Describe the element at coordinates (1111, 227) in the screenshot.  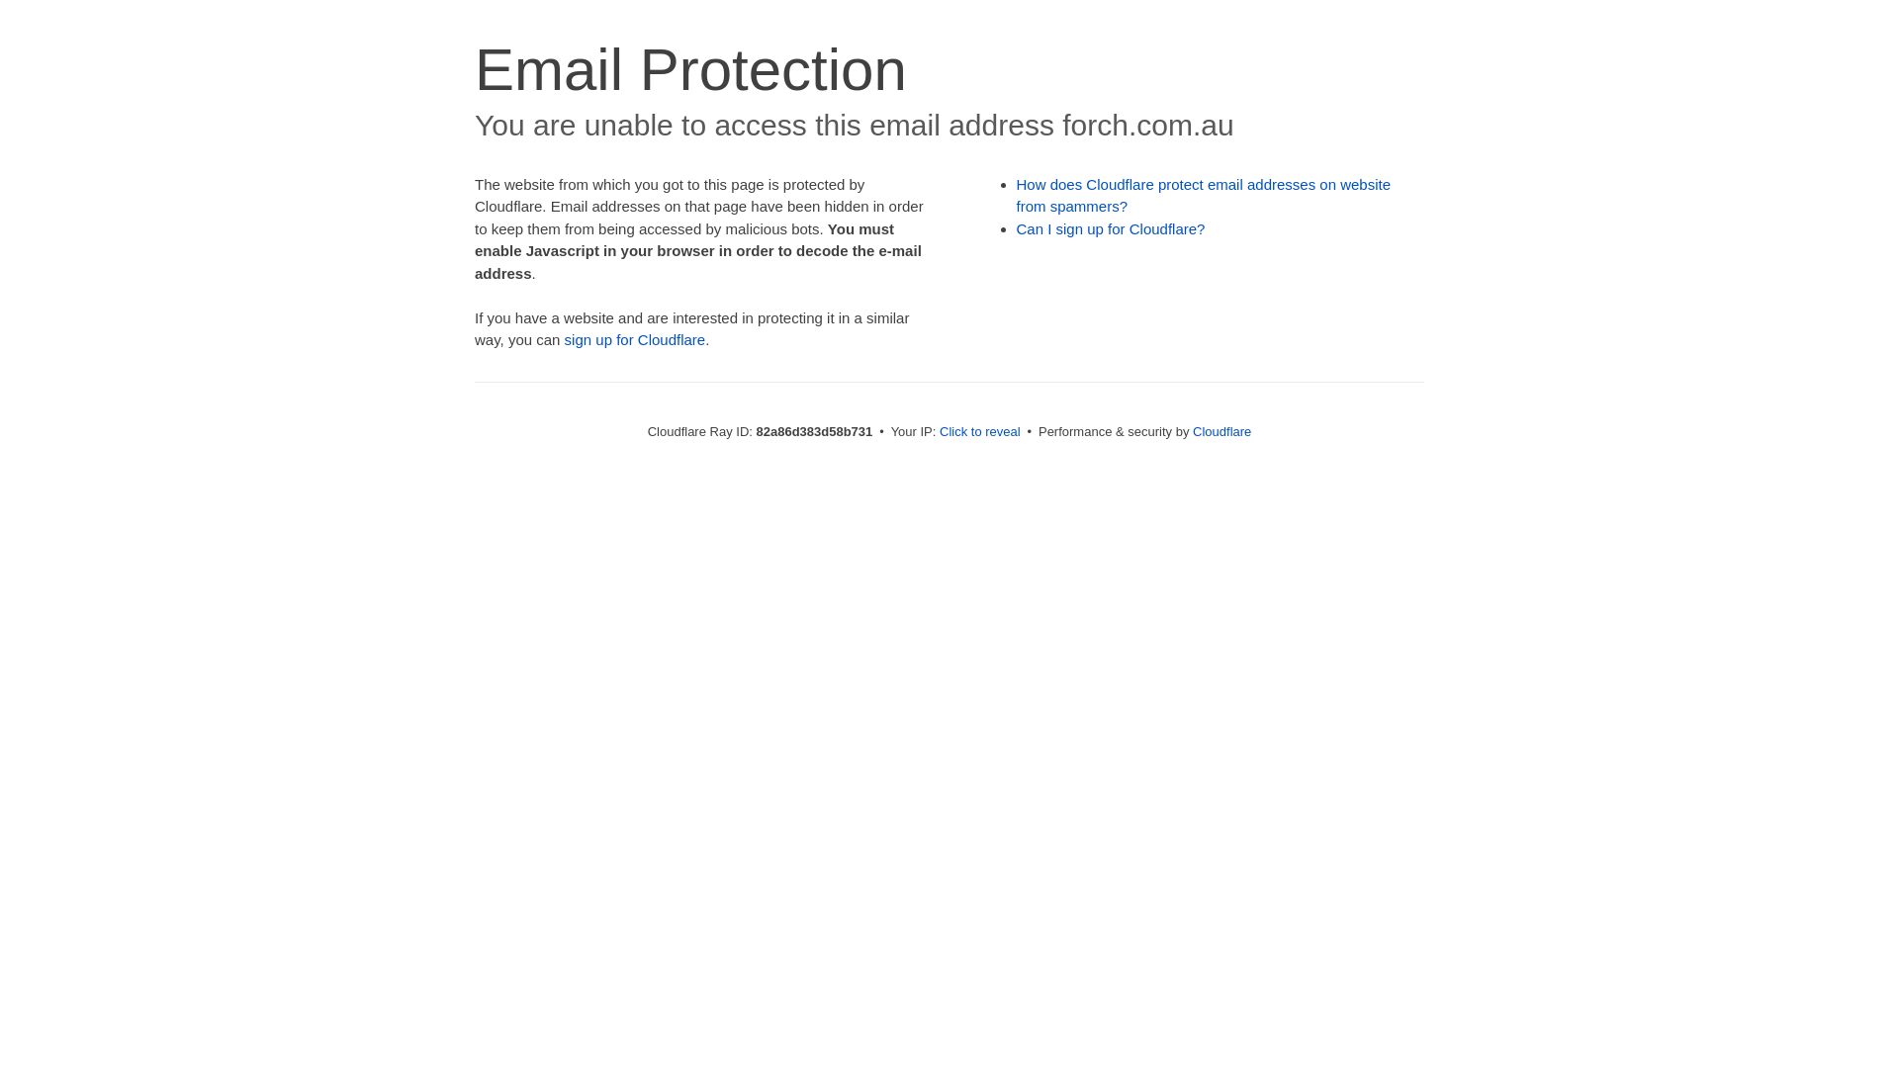
I see `'Can I sign up for Cloudflare?'` at that location.